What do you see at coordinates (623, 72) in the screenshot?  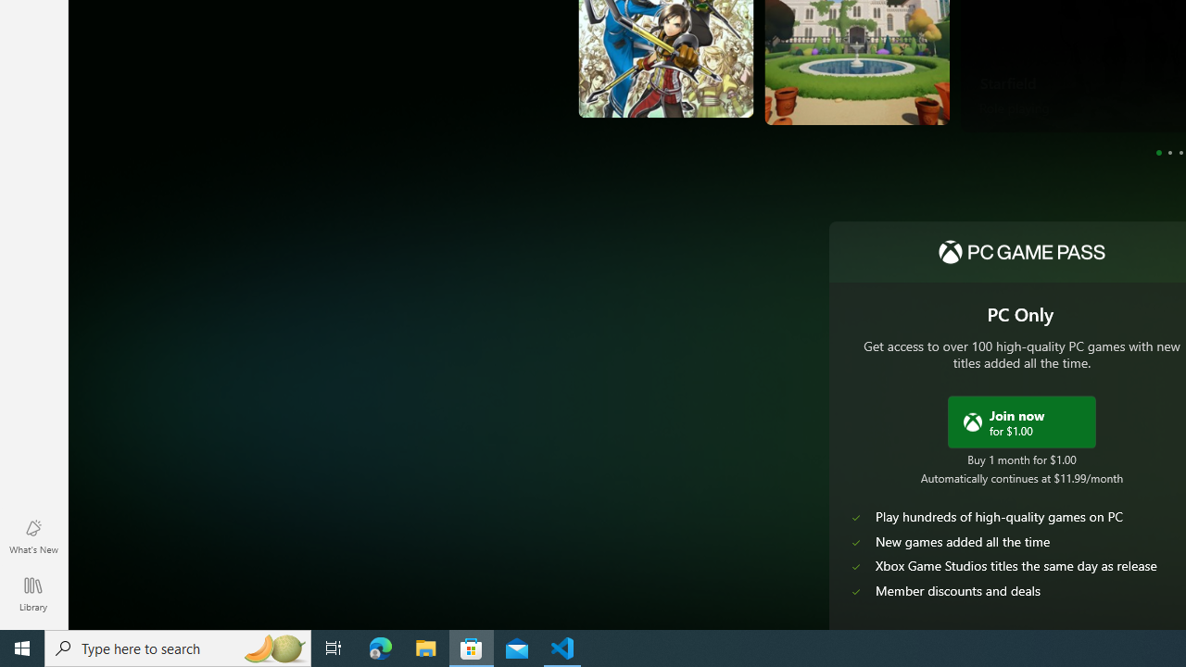 I see `'Eiyuden Chronicle: Hundred Heroes'` at bounding box center [623, 72].